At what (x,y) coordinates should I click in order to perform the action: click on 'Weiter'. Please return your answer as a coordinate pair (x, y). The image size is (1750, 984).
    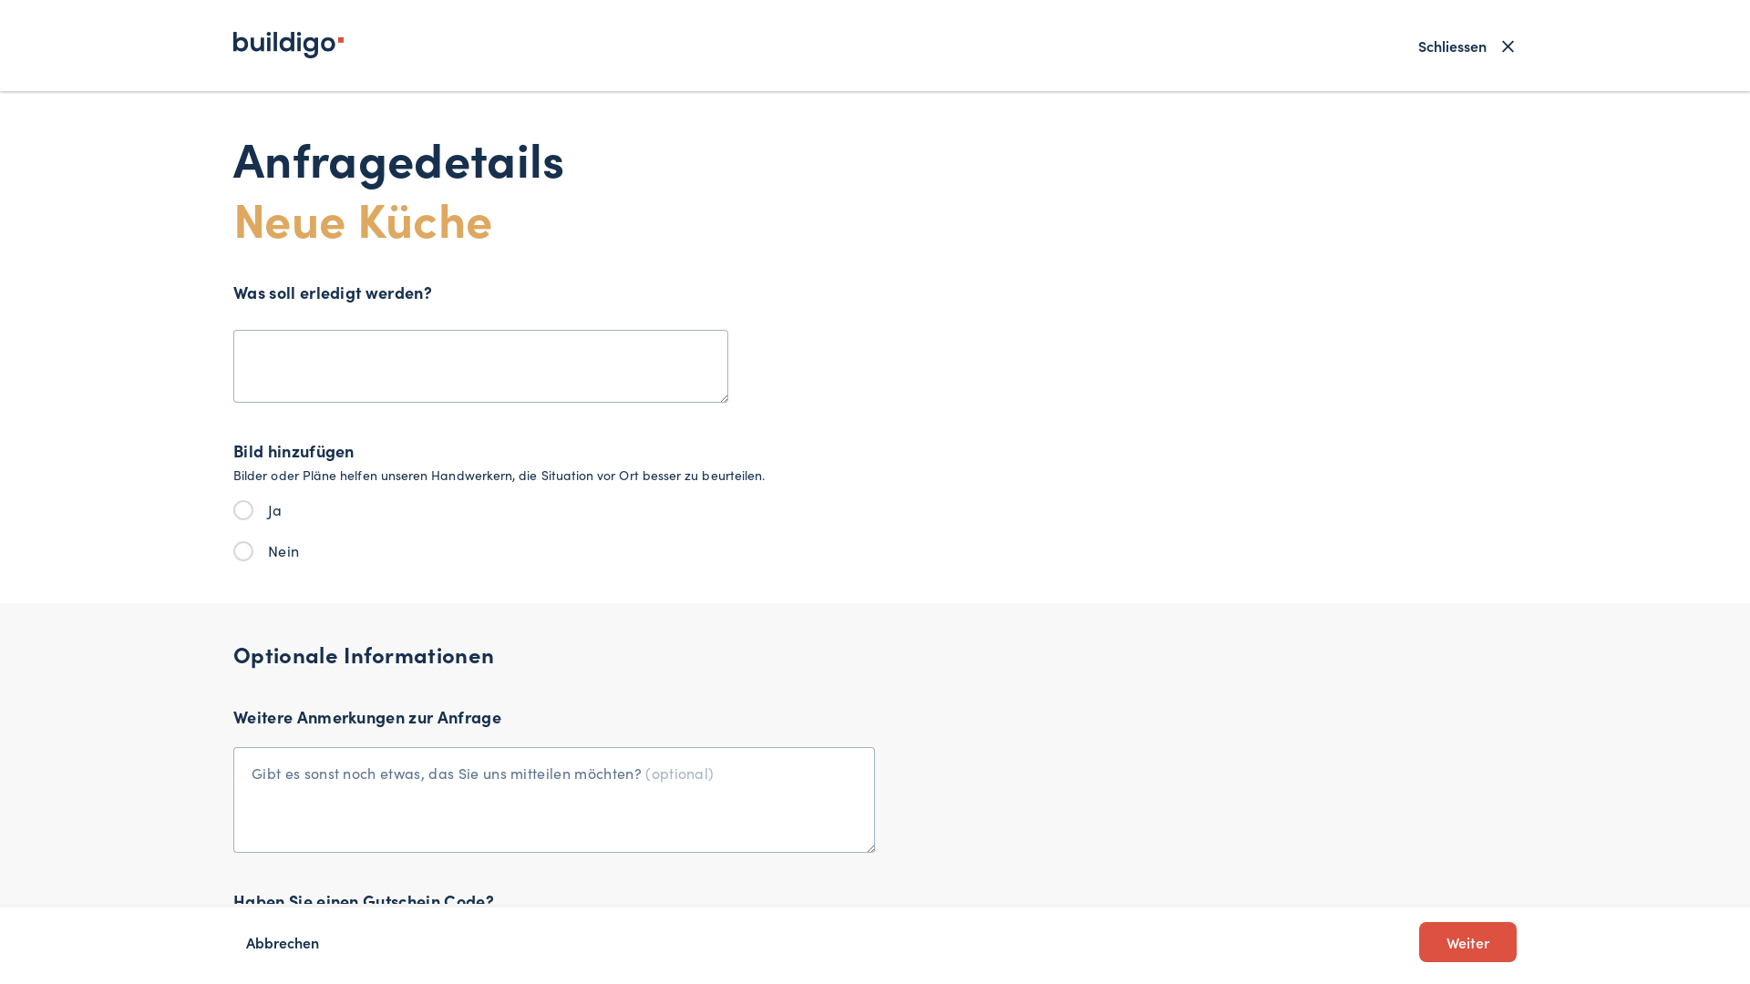
    Looking at the image, I should click on (1467, 941).